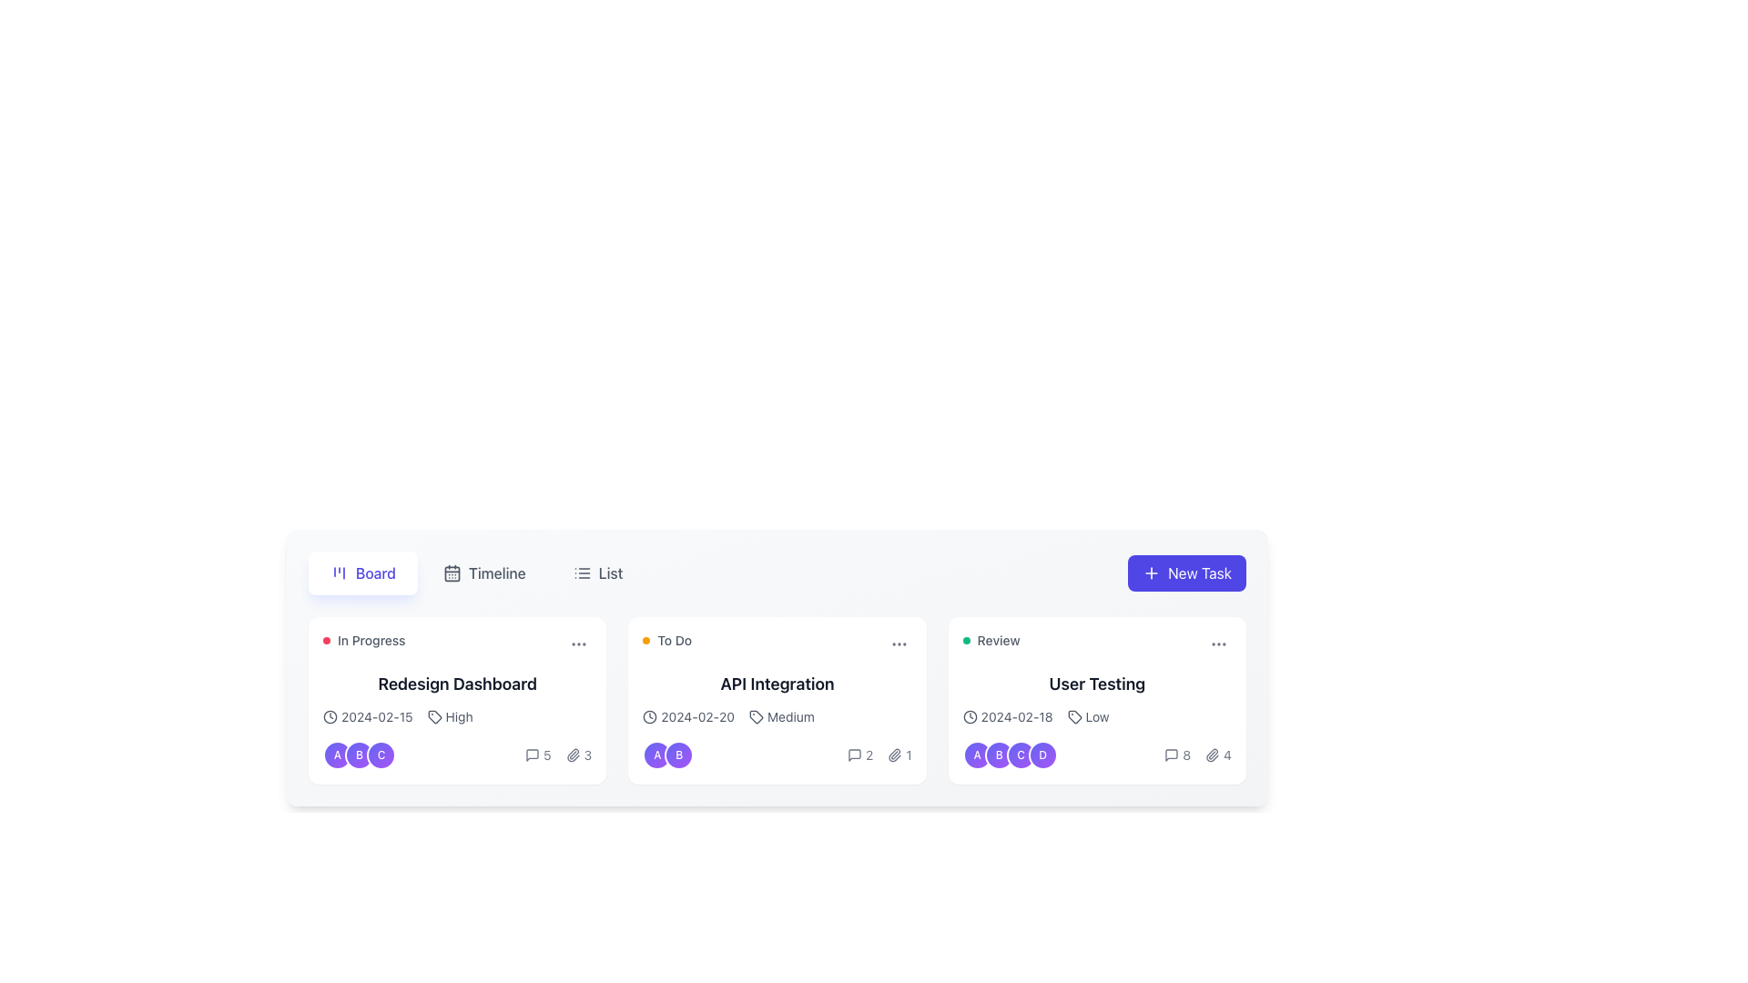  Describe the element at coordinates (536, 755) in the screenshot. I see `the comments indicator next to the task card labeled 'Redesign Dashboard' in the 'In Progress' category` at that location.